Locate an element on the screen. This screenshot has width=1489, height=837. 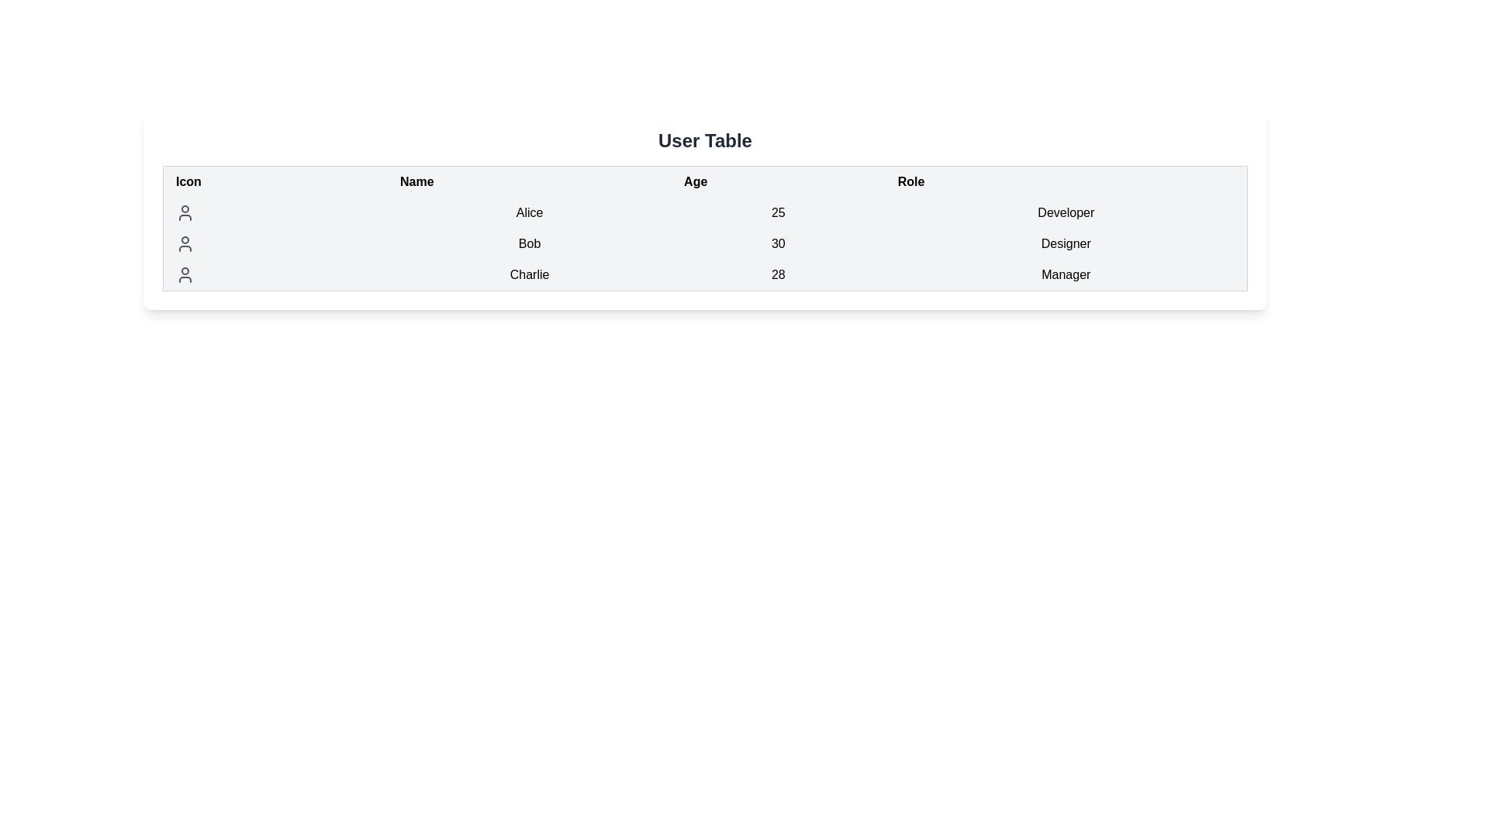
the static text label displaying the name 'Alice', which is located in the second column of the first row of the table, between the label 'Name' and the number '25' is located at coordinates (530, 212).